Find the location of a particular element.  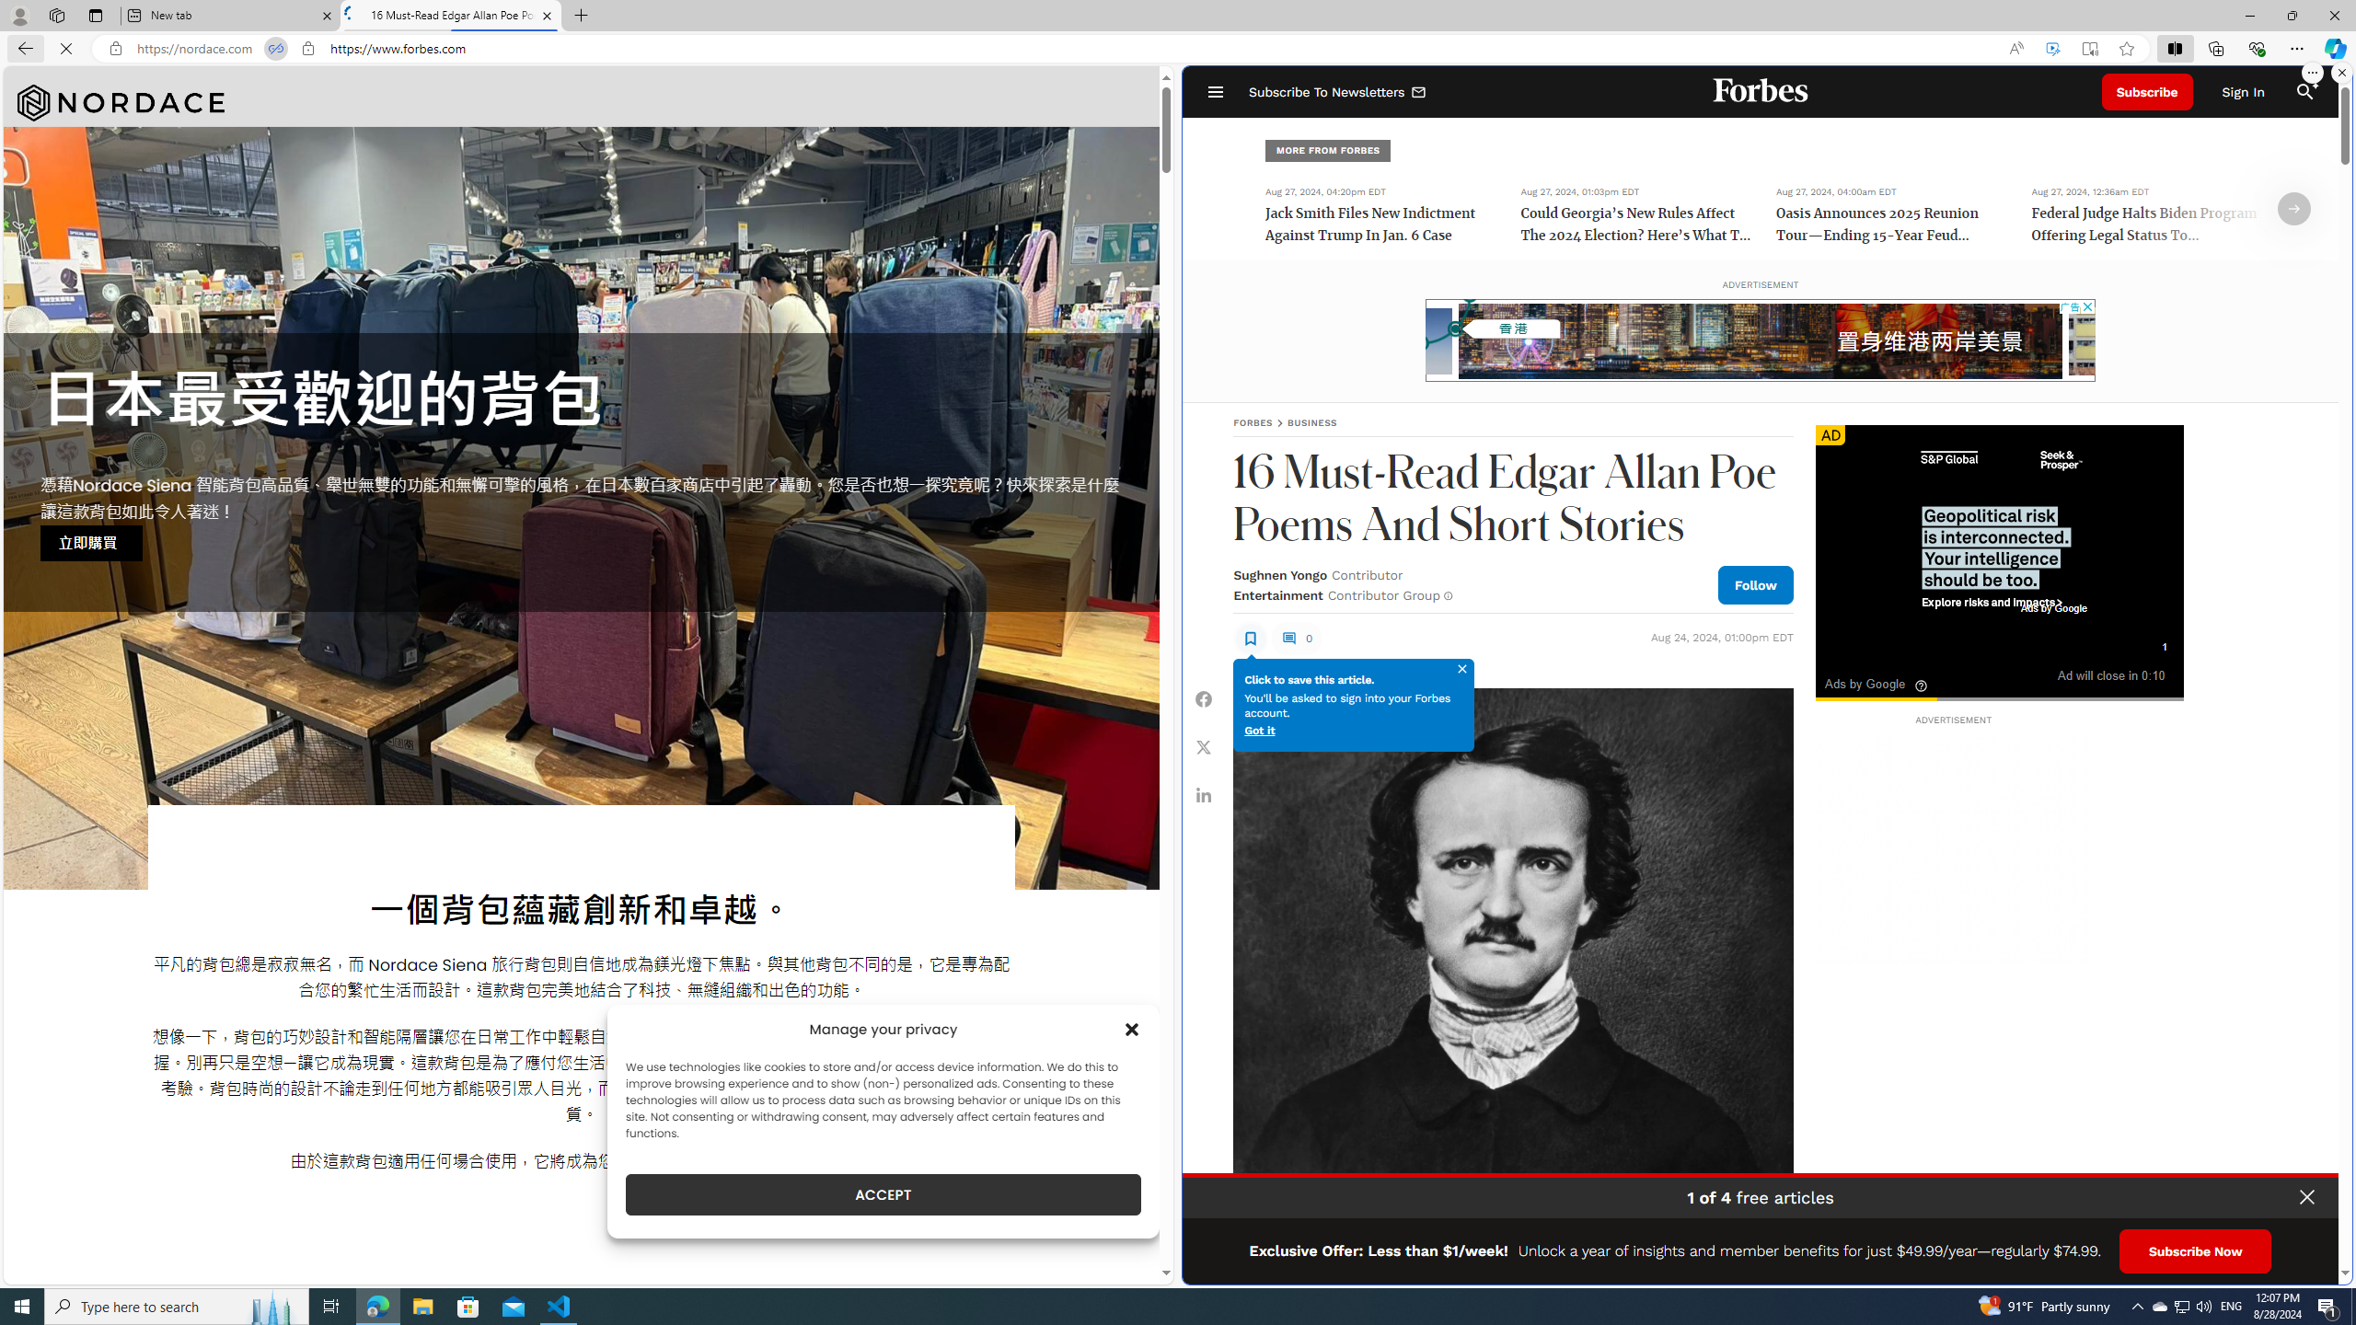

'Portrait of Edgar Allan Poe.' is located at coordinates (1511, 966).